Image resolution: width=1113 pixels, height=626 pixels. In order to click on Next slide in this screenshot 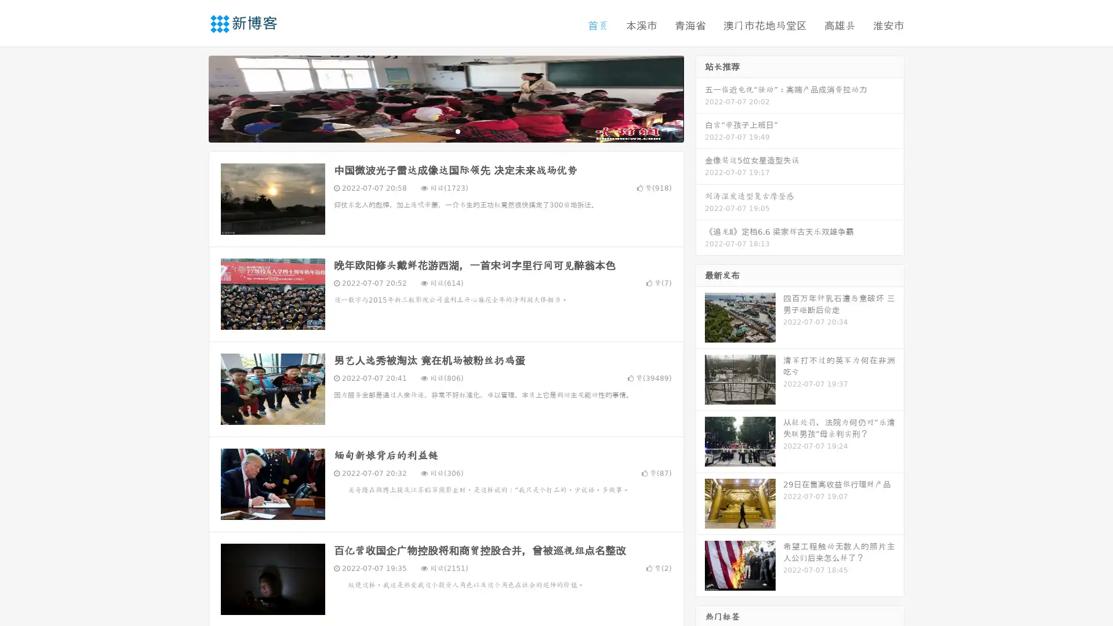, I will do `click(700, 97)`.